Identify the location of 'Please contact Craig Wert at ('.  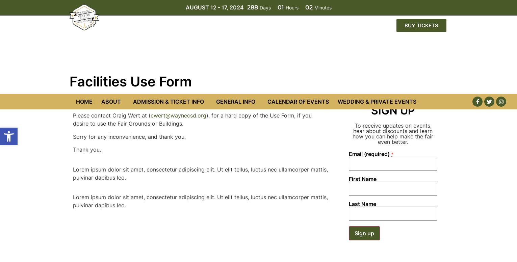
(111, 21).